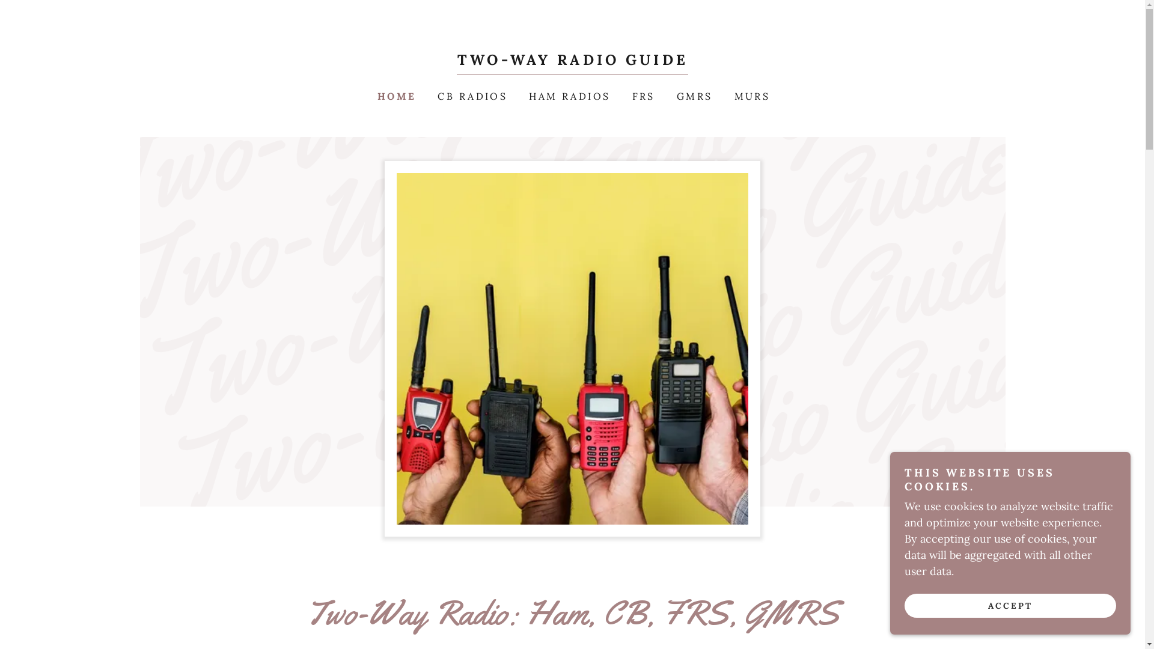  Describe the element at coordinates (395, 95) in the screenshot. I see `'HOME'` at that location.